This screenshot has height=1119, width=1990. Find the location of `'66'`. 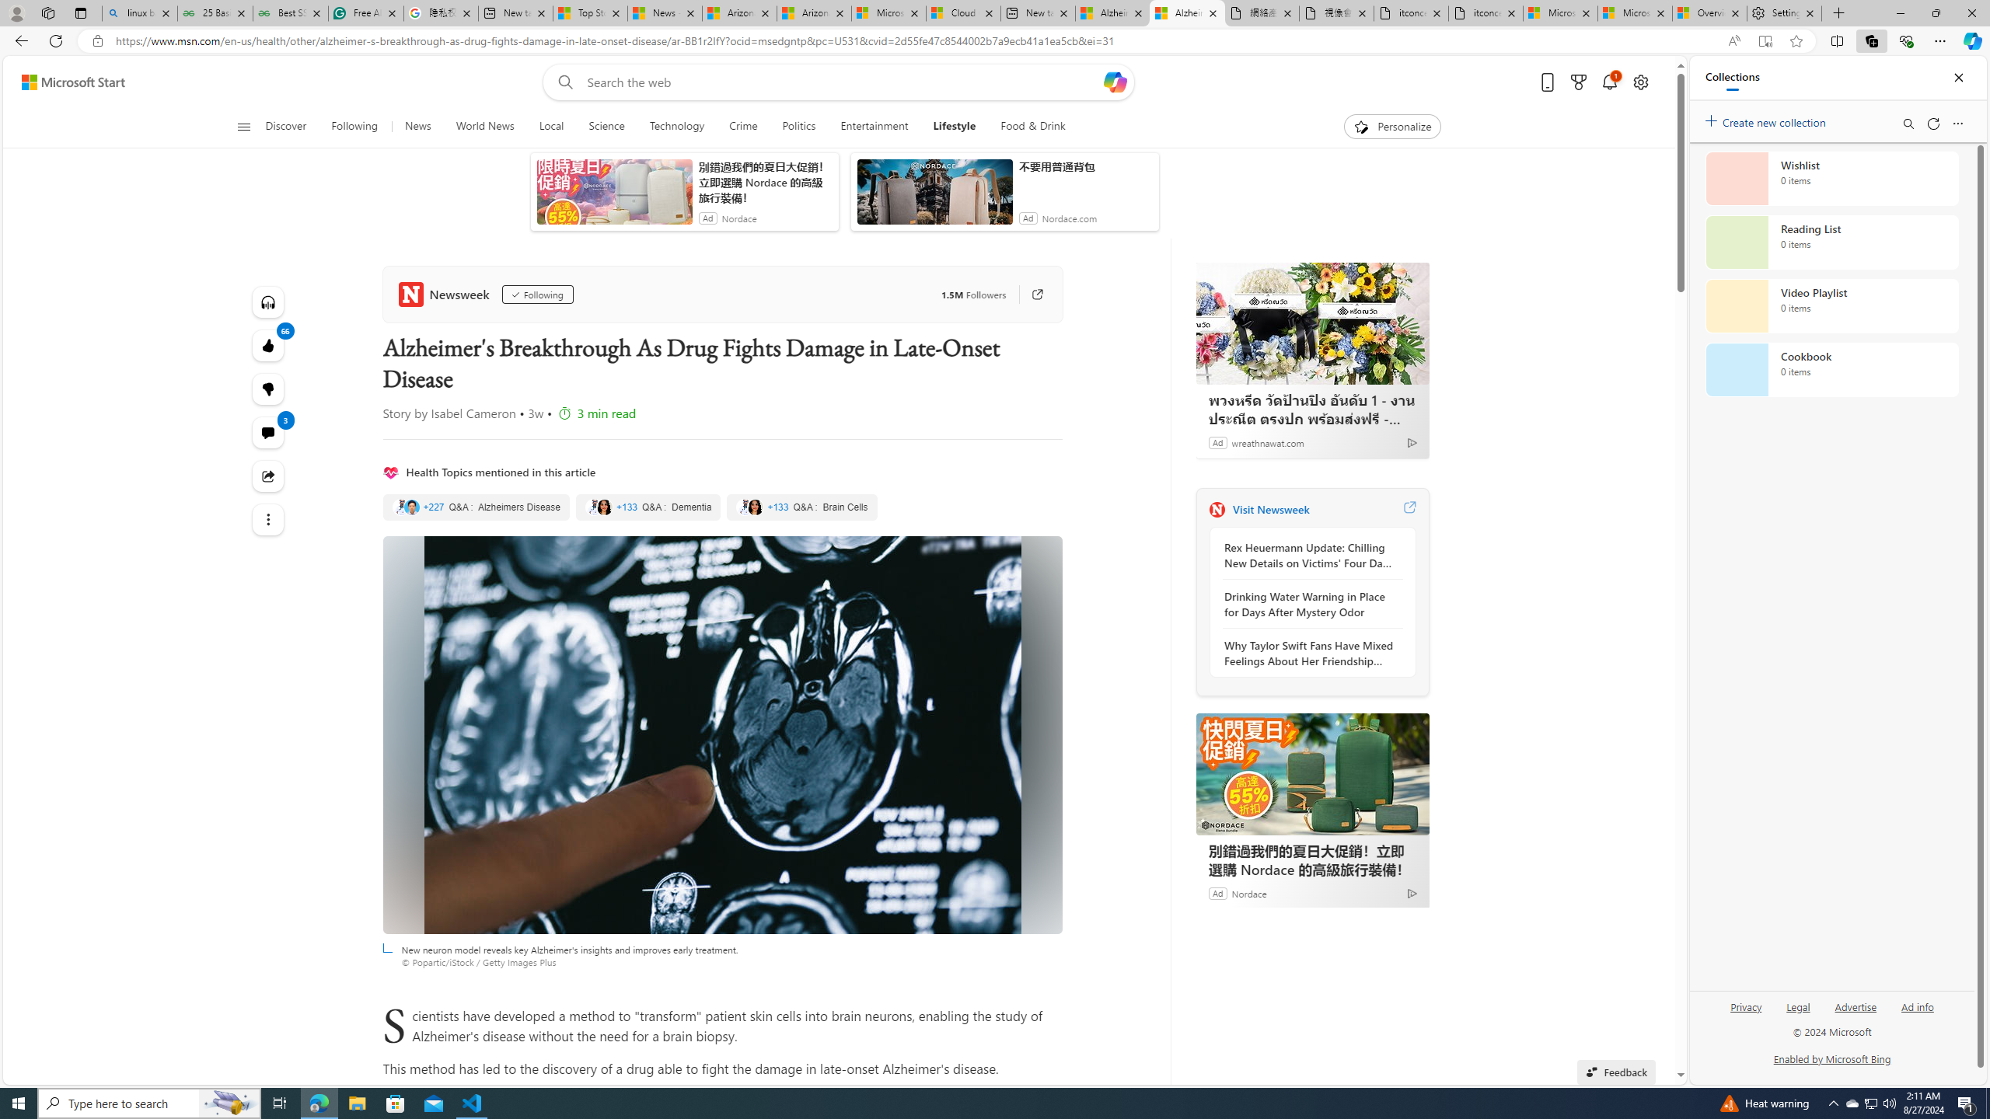

'66' is located at coordinates (268, 389).